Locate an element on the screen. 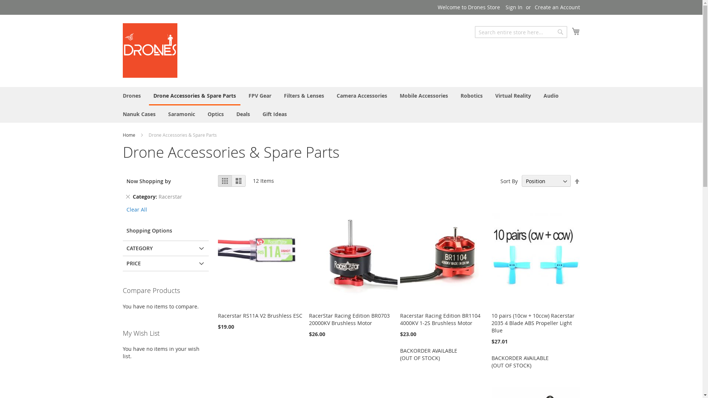  'Search' is located at coordinates (558, 32).